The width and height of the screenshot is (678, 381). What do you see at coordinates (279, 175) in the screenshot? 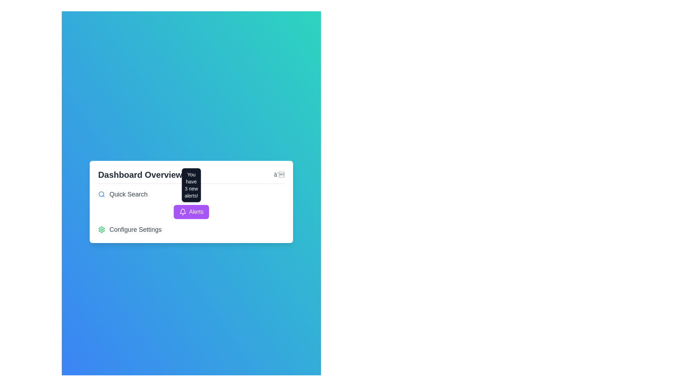
I see `the interactive icon located at the top-right corner of the 'Dashboard Overview' panel header` at bounding box center [279, 175].